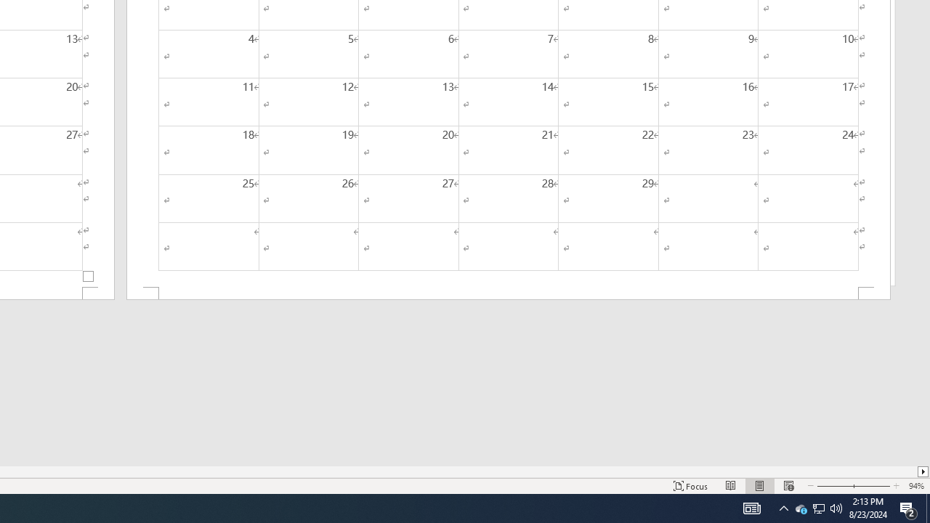 This screenshot has width=930, height=523. What do you see at coordinates (690, 486) in the screenshot?
I see `'Focus '` at bounding box center [690, 486].